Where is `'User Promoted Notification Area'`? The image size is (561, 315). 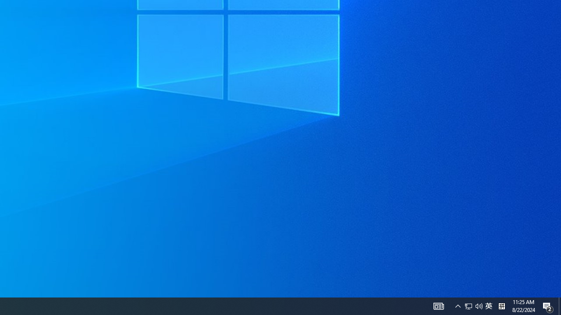
'User Promoted Notification Area' is located at coordinates (468, 305).